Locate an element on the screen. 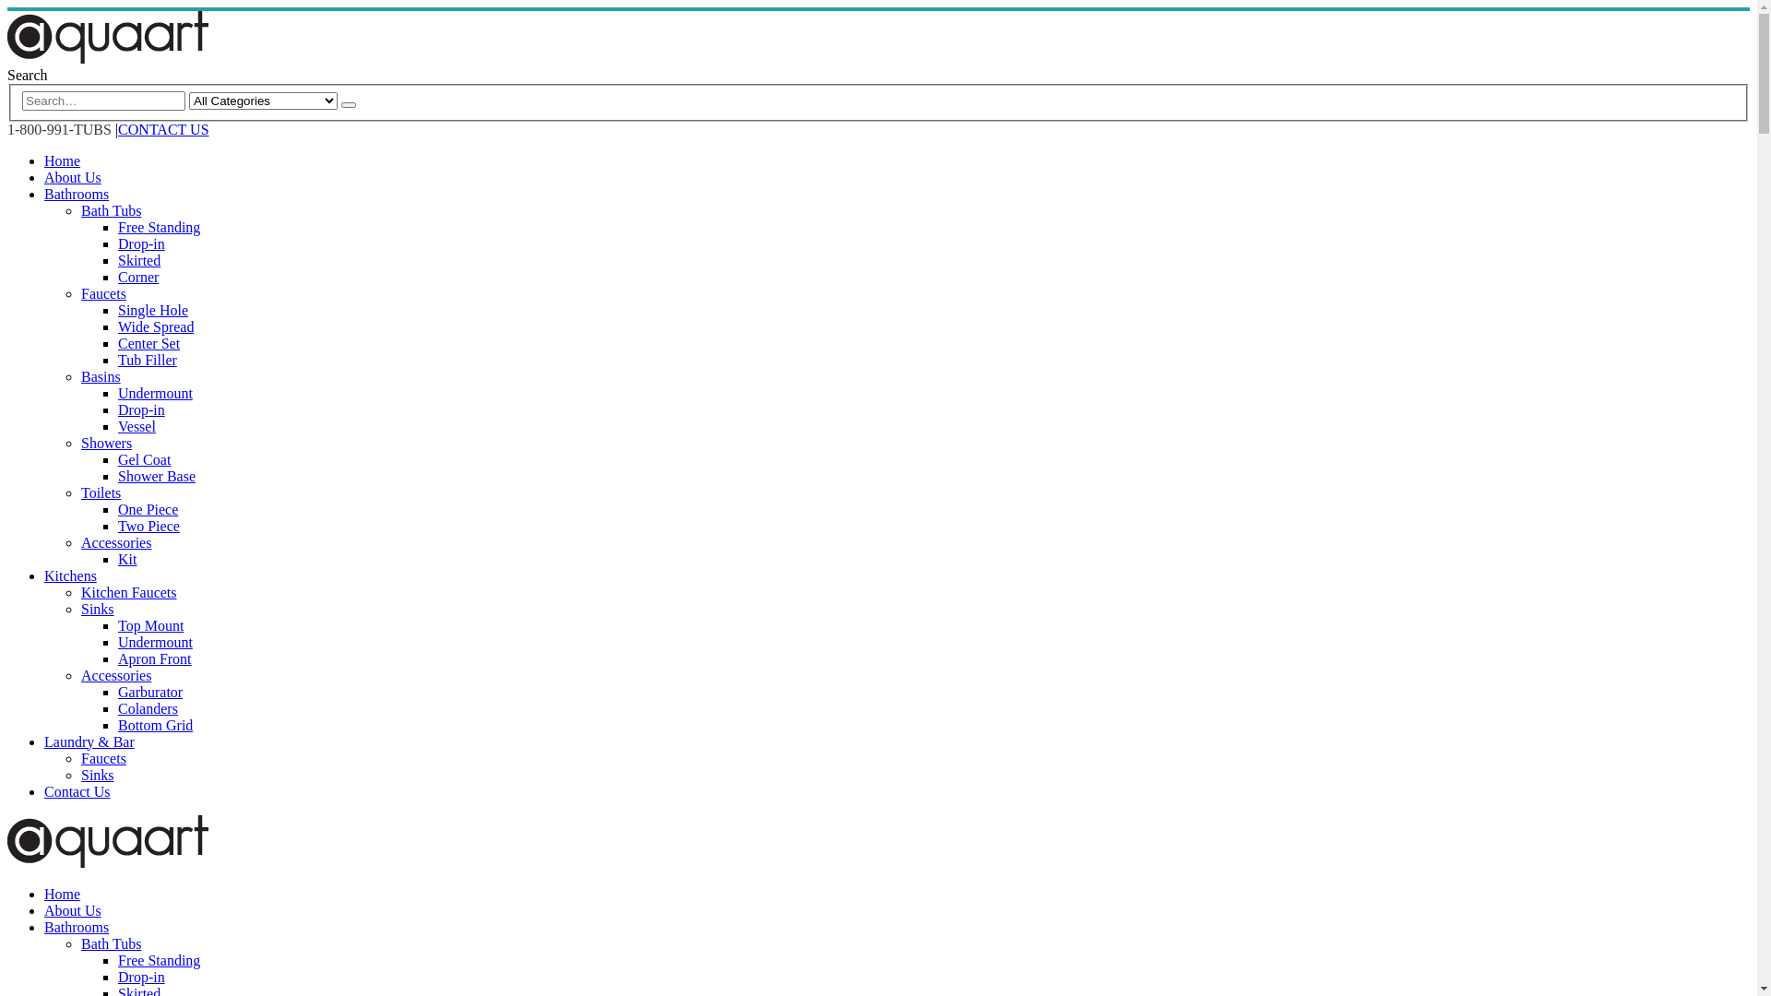 This screenshot has width=1771, height=996. 'Wide Spread' is located at coordinates (155, 326).